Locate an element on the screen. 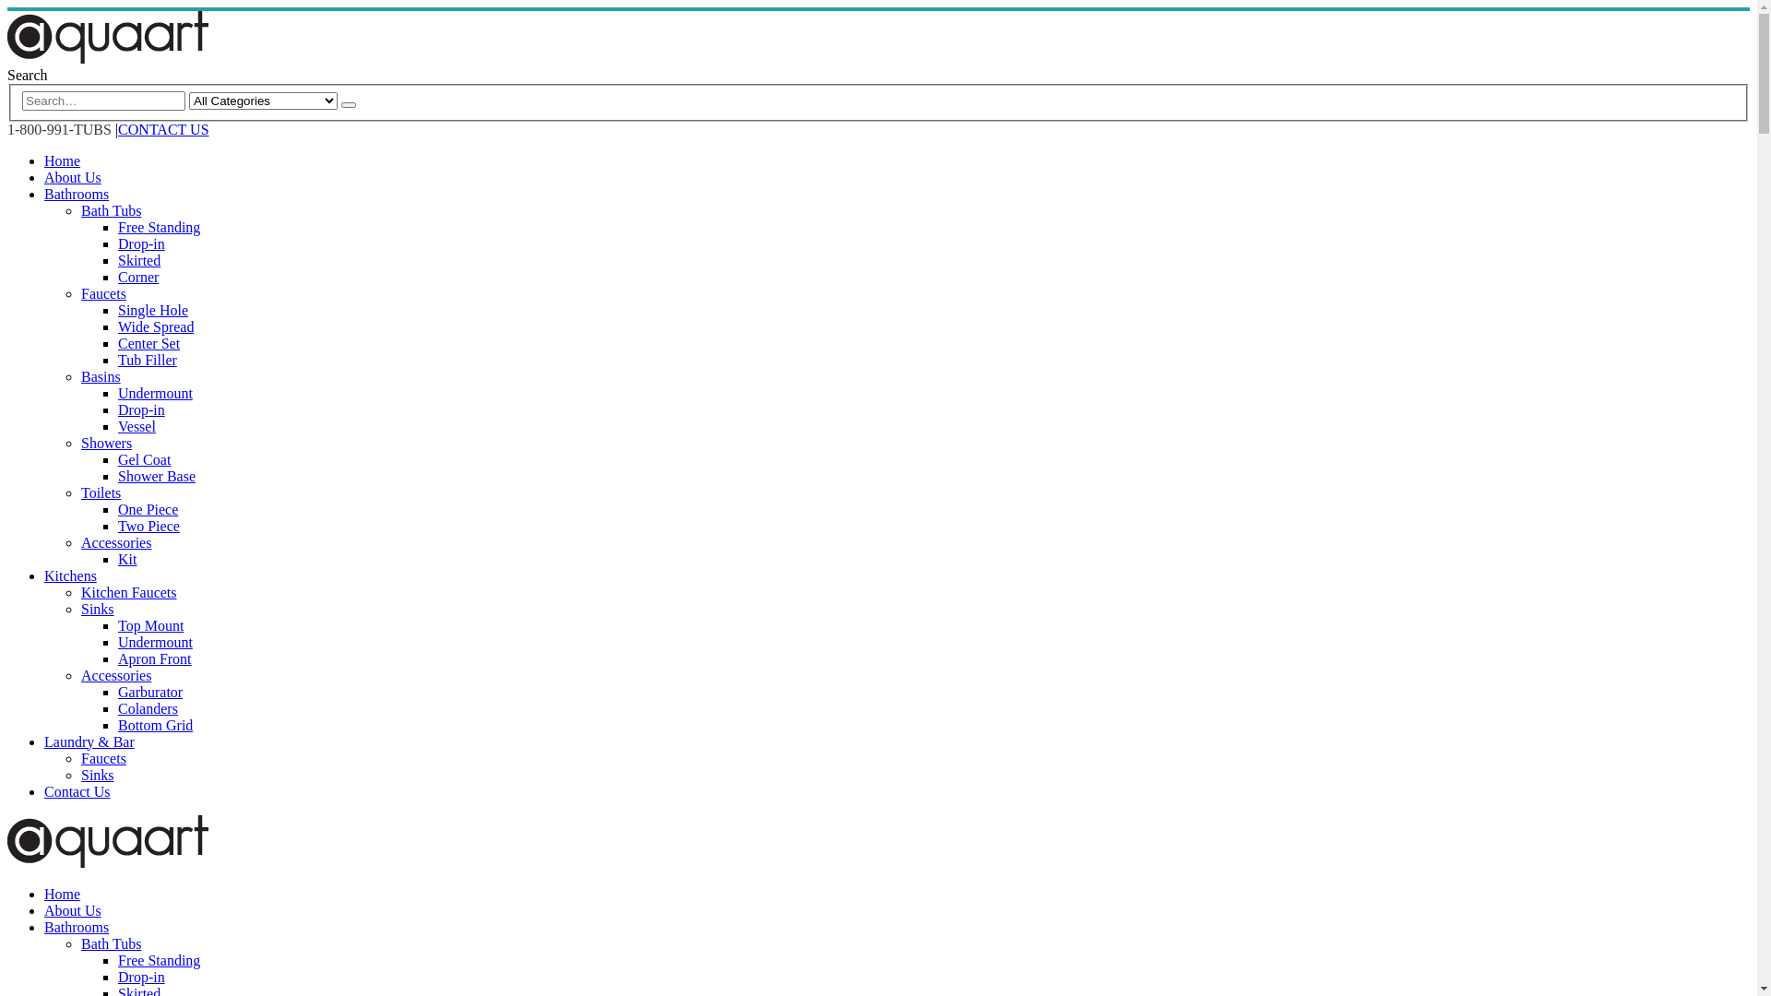 This screenshot has width=1771, height=996. 'Wide Spread' is located at coordinates (155, 326).